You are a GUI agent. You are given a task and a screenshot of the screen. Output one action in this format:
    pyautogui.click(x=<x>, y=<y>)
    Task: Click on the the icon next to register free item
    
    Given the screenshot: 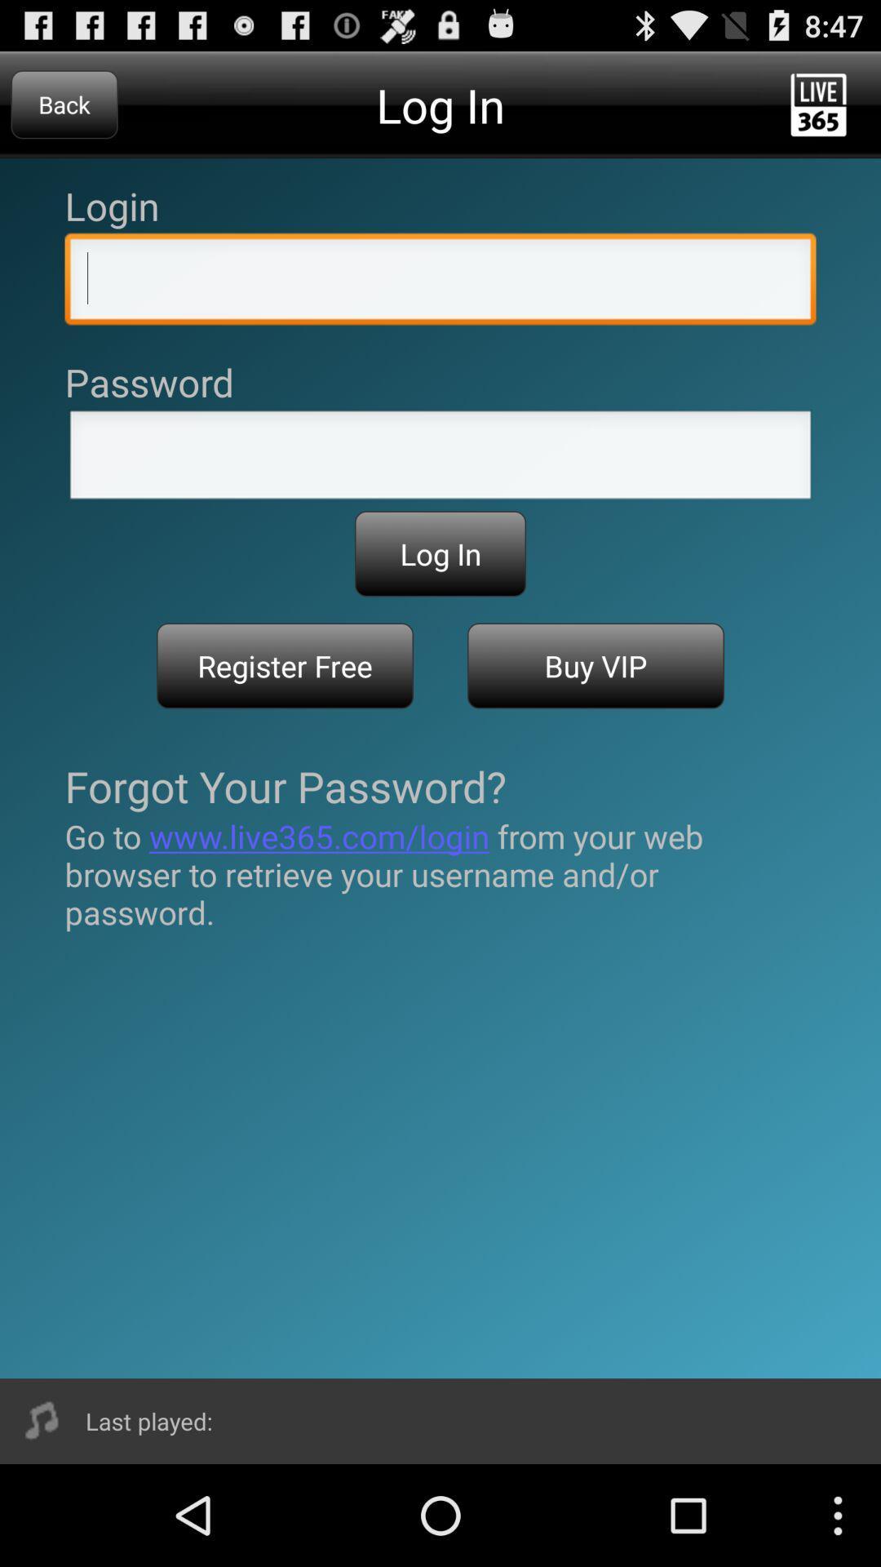 What is the action you would take?
    pyautogui.click(x=595, y=666)
    